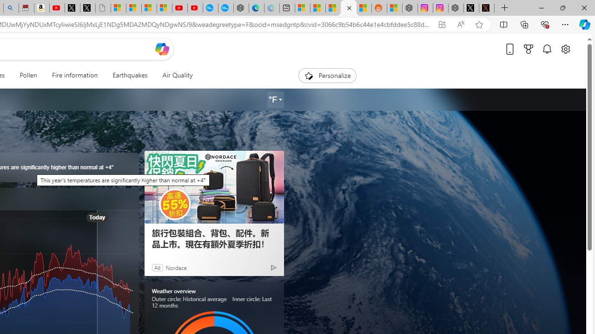 Image resolution: width=595 pixels, height=334 pixels. What do you see at coordinates (130, 75) in the screenshot?
I see `'Earthquakes'` at bounding box center [130, 75].